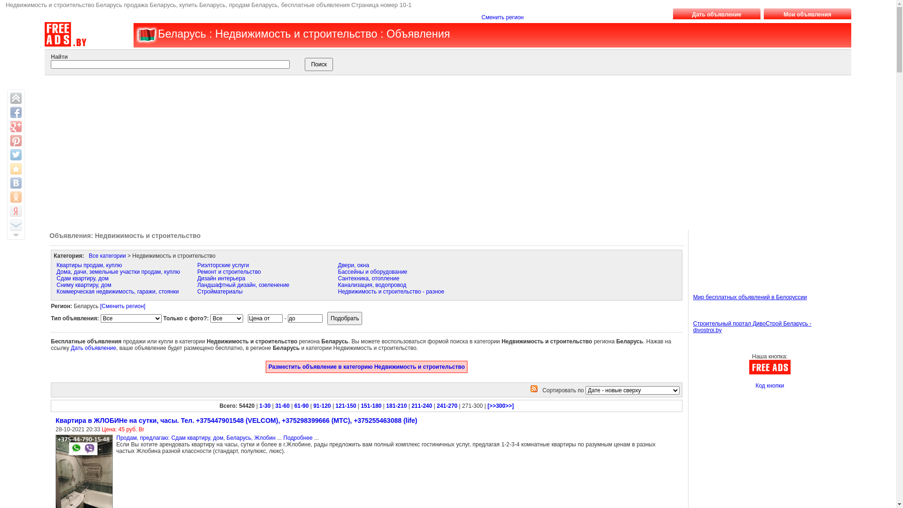  What do you see at coordinates (16, 168) in the screenshot?
I see `'Save to Browser Favorites'` at bounding box center [16, 168].